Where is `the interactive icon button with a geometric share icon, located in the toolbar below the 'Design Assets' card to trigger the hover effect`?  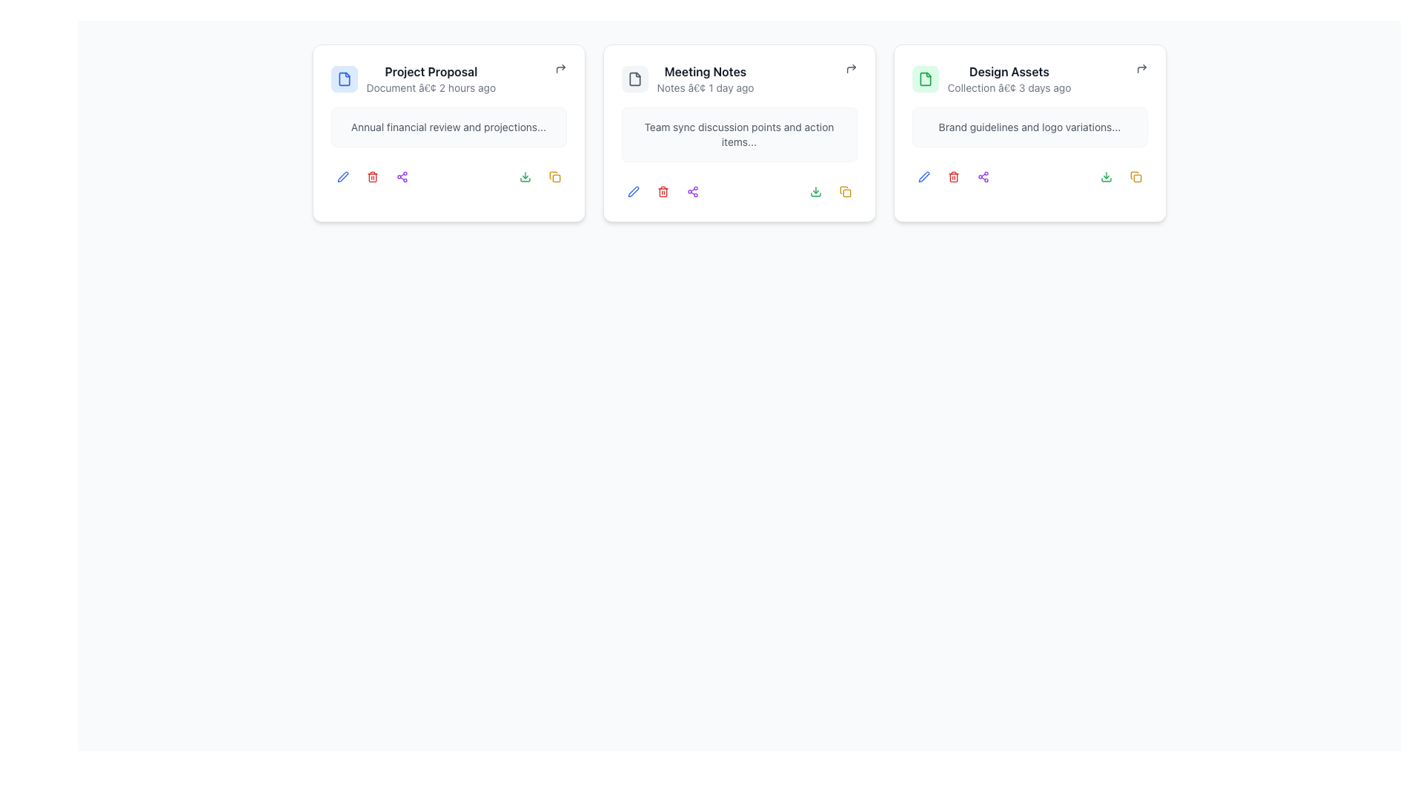
the interactive icon button with a geometric share icon, located in the toolbar below the 'Design Assets' card to trigger the hover effect is located at coordinates (983, 176).